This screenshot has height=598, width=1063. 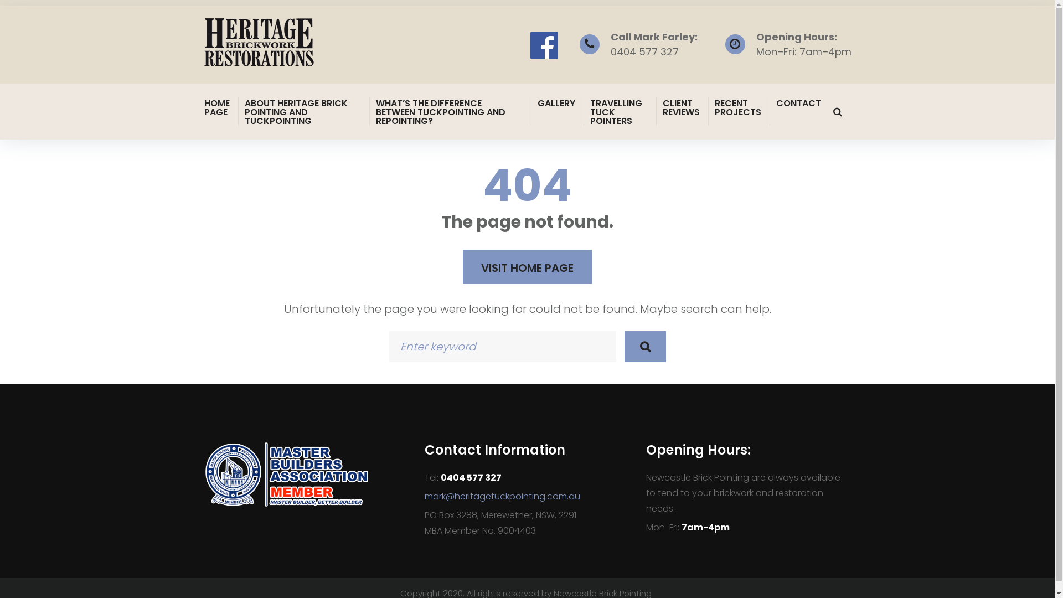 I want to click on 'ABOUT HERITAGE BRICK POINTING AND TUCKPOINTING', so click(x=303, y=111).